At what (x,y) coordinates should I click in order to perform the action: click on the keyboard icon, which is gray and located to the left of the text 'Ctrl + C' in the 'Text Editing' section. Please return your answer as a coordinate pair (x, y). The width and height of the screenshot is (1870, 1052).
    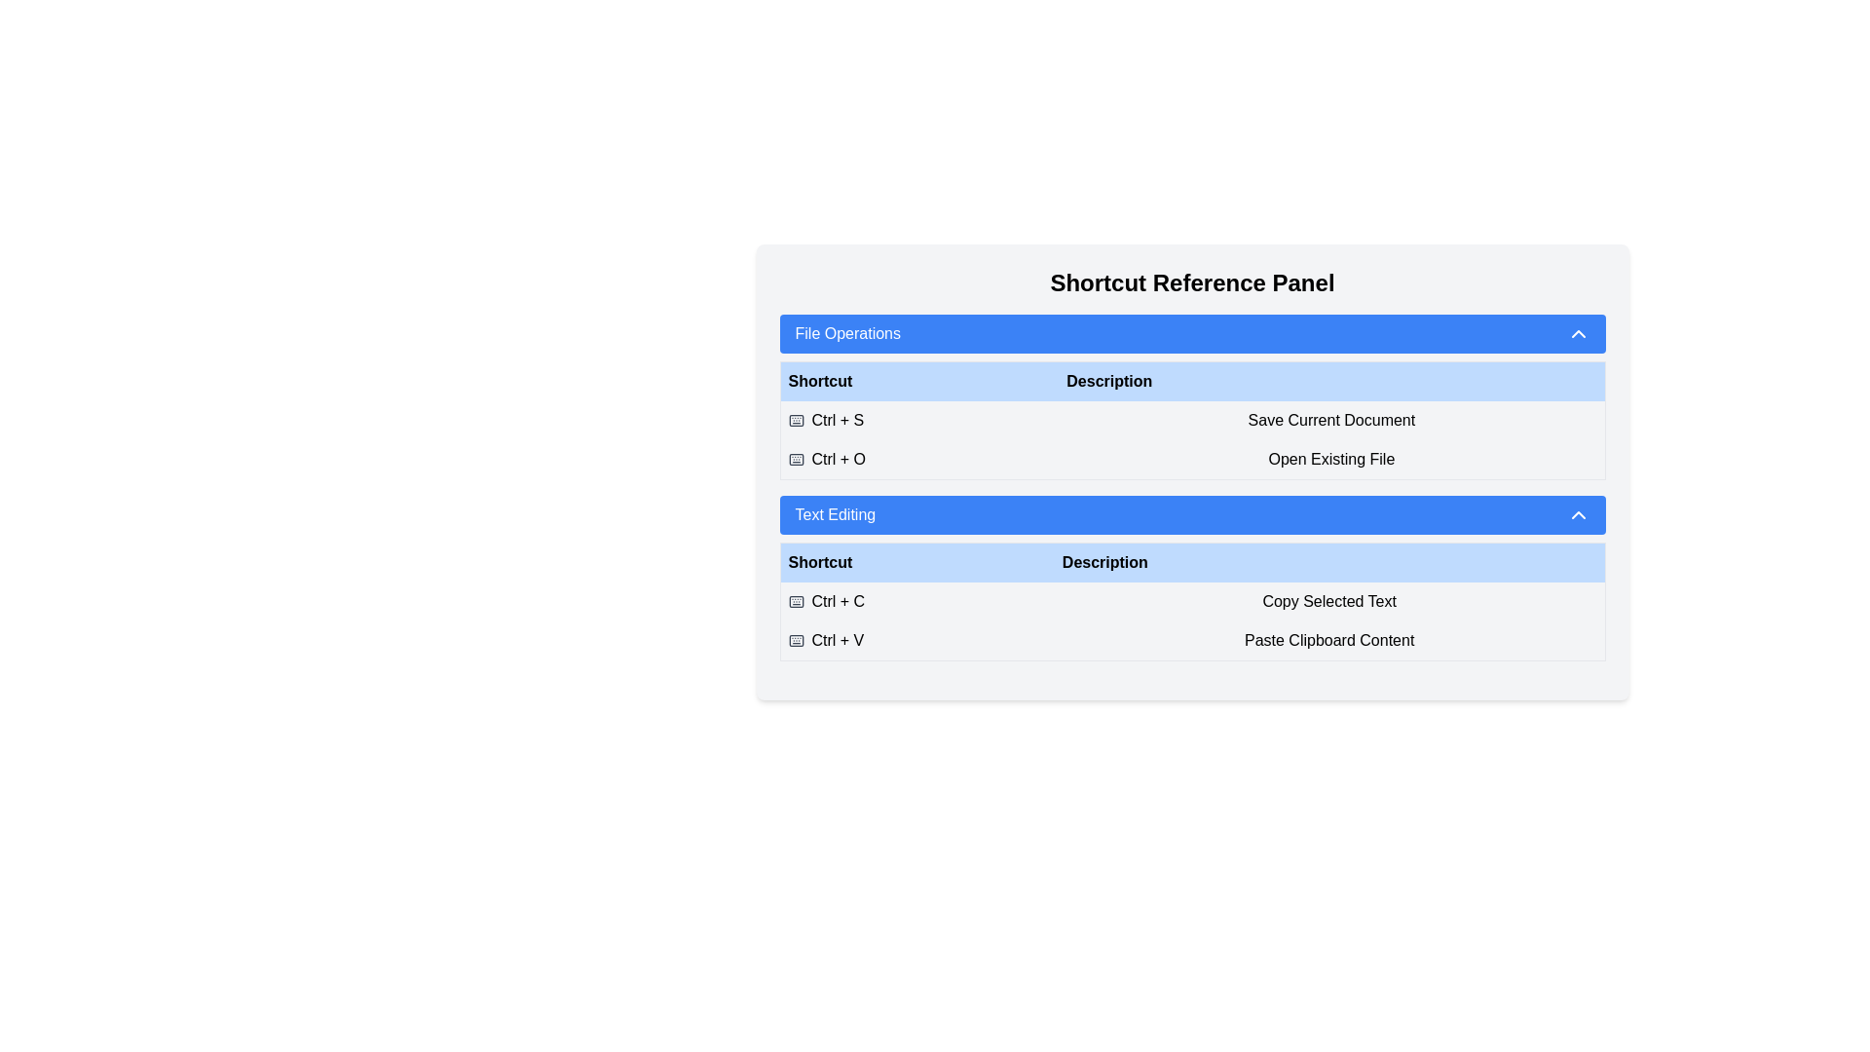
    Looking at the image, I should click on (796, 600).